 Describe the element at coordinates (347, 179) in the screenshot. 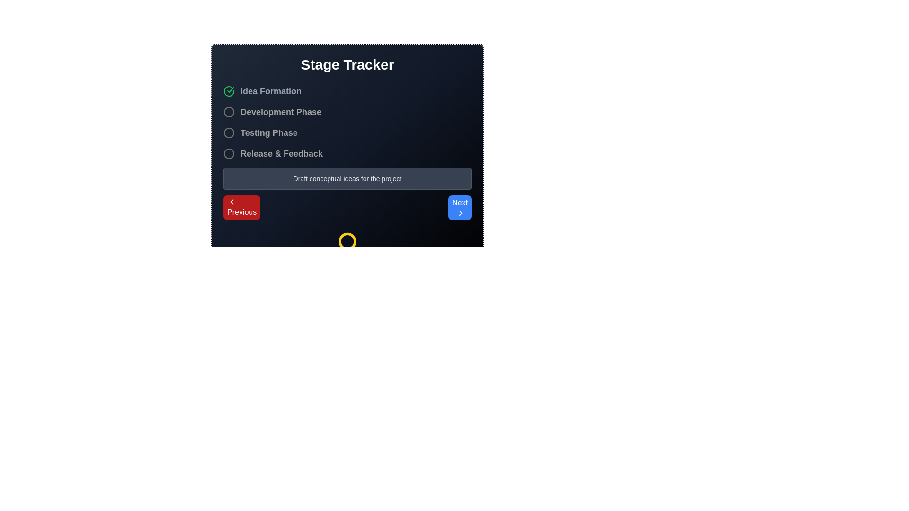

I see `the Text label located in the rectangular section with a rounded border and gray background, positioned centrally below the phase options and between the navigation buttons` at that location.